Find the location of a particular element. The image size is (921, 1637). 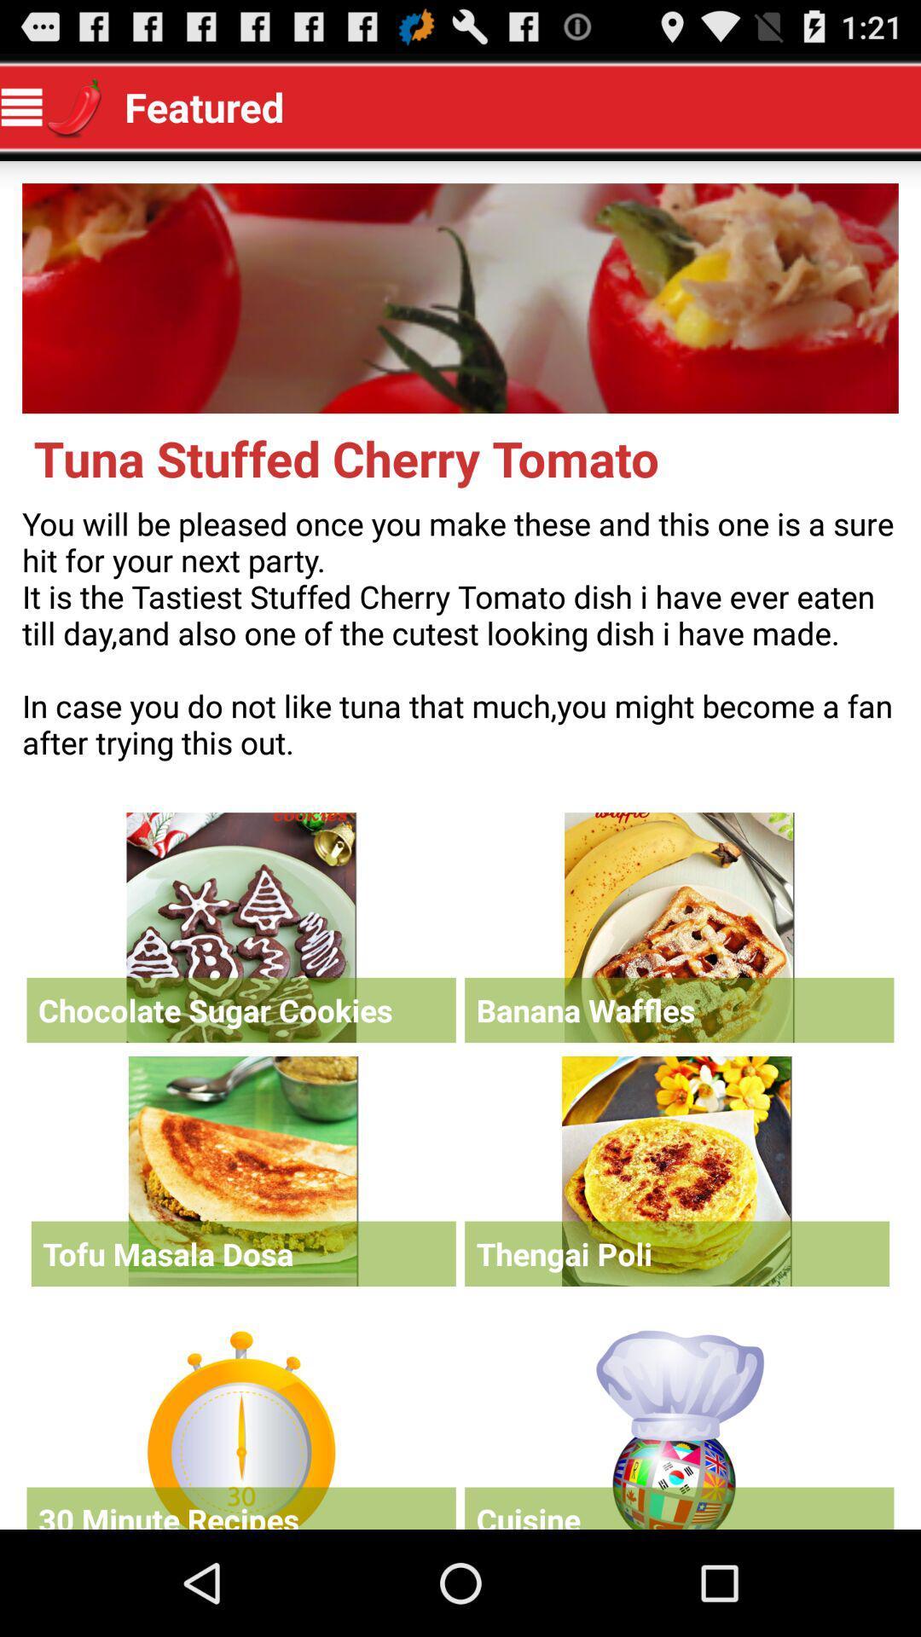

page is located at coordinates (676, 1170).